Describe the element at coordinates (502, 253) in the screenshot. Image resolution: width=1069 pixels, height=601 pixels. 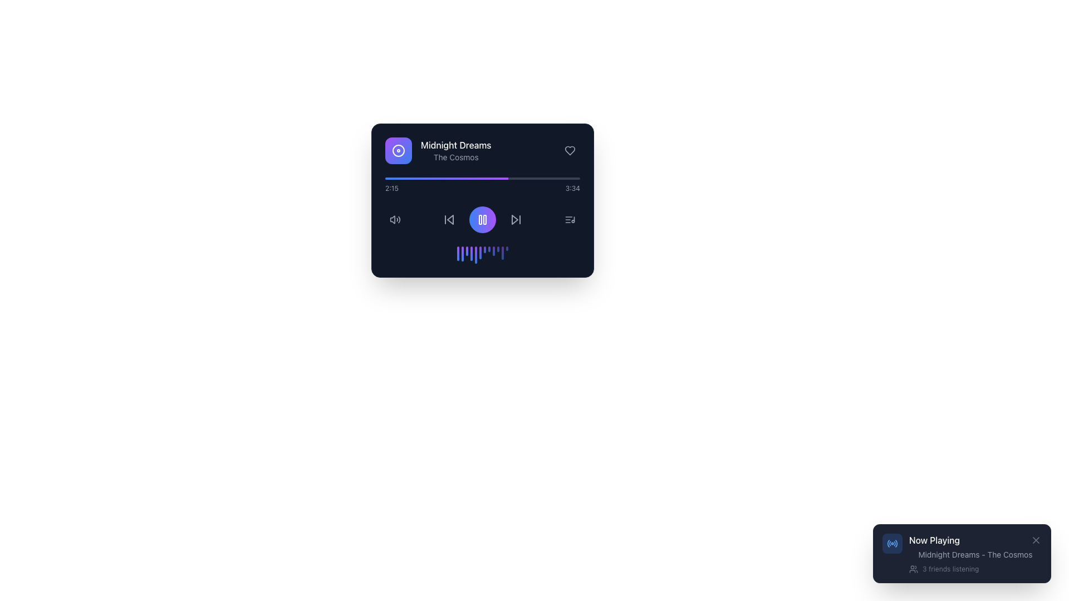
I see `the eleventh vertical audio visualizer bar, which features a gradient from blue to purple and has a pulsating animation, located at the bottom of the music player interface` at that location.